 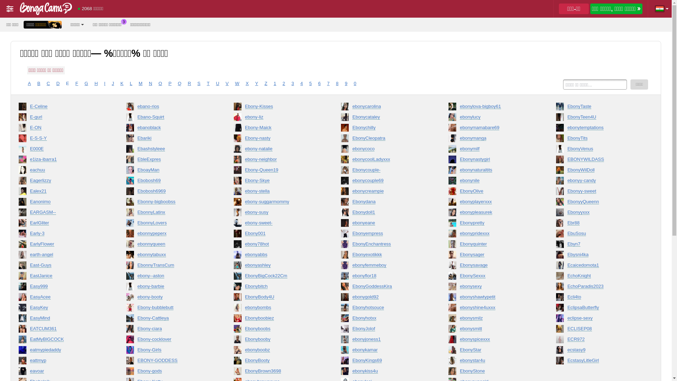 I want to click on 'ebonykamar', so click(x=341, y=351).